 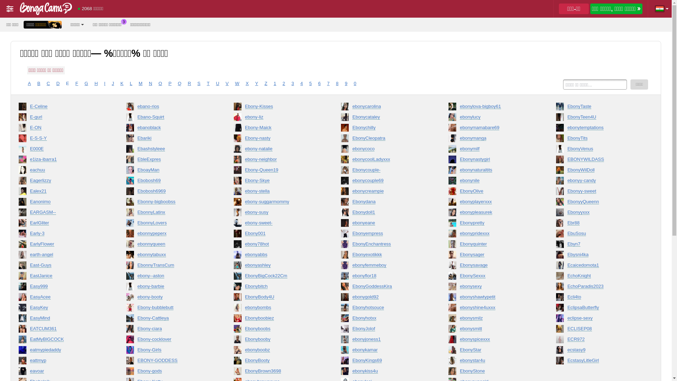 I want to click on 'ebonykamar', so click(x=341, y=351).